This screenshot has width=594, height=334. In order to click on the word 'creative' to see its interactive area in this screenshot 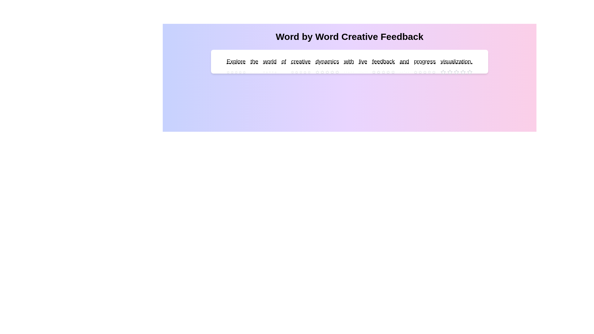, I will do `click(301, 62)`.